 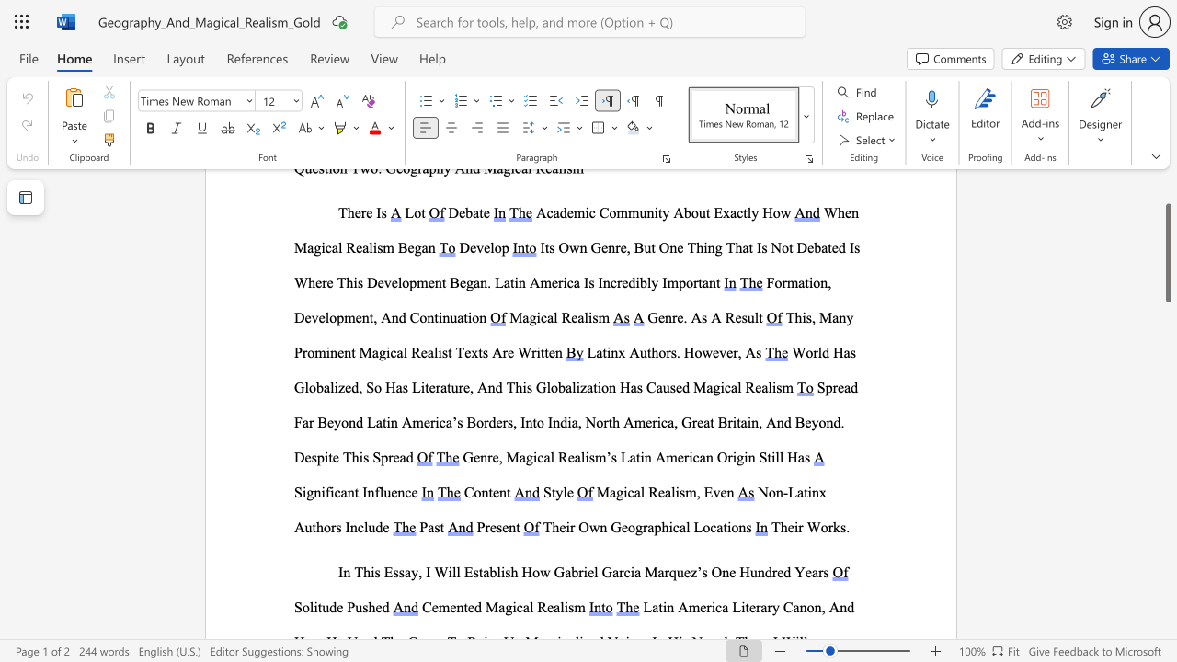 I want to click on the scrollbar to move the page down, so click(x=1167, y=320).